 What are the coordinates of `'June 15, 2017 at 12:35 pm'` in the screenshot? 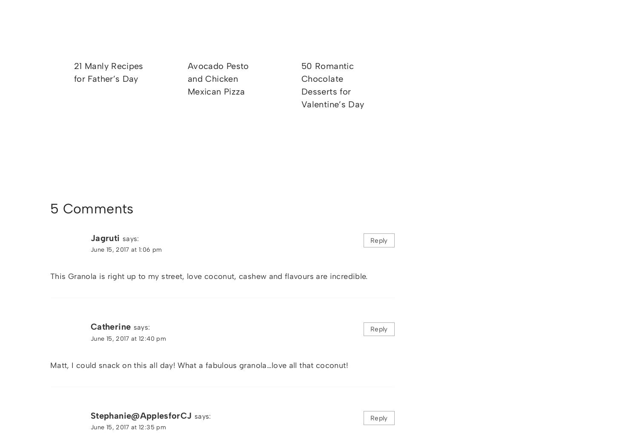 It's located at (128, 427).